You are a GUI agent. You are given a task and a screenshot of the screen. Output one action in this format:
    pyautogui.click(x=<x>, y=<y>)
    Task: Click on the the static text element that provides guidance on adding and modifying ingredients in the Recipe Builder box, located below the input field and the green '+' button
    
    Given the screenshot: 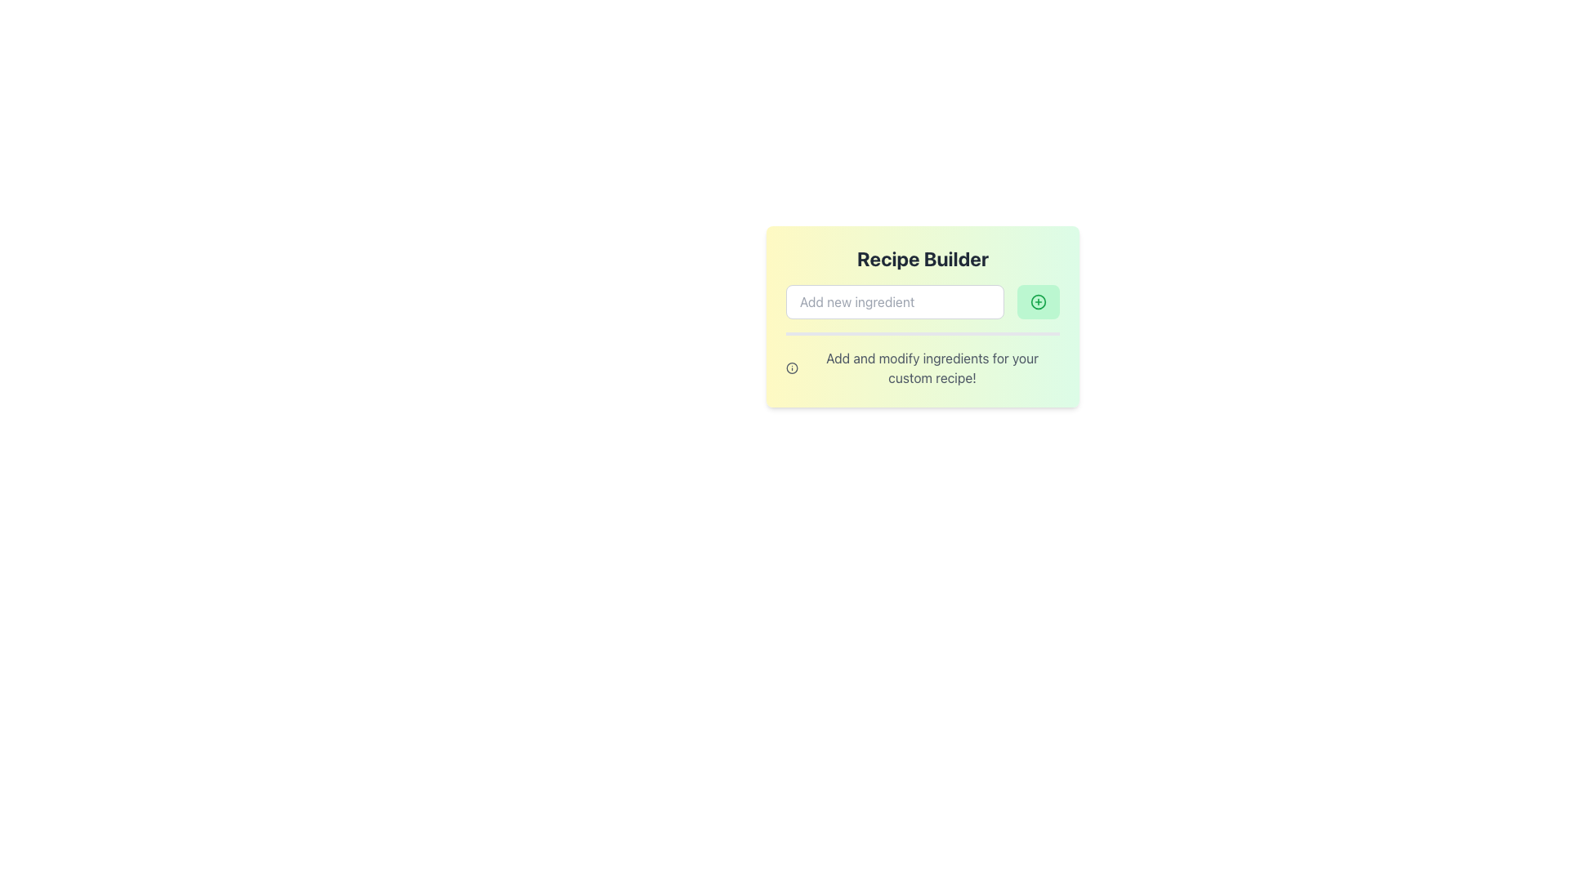 What is the action you would take?
    pyautogui.click(x=932, y=368)
    